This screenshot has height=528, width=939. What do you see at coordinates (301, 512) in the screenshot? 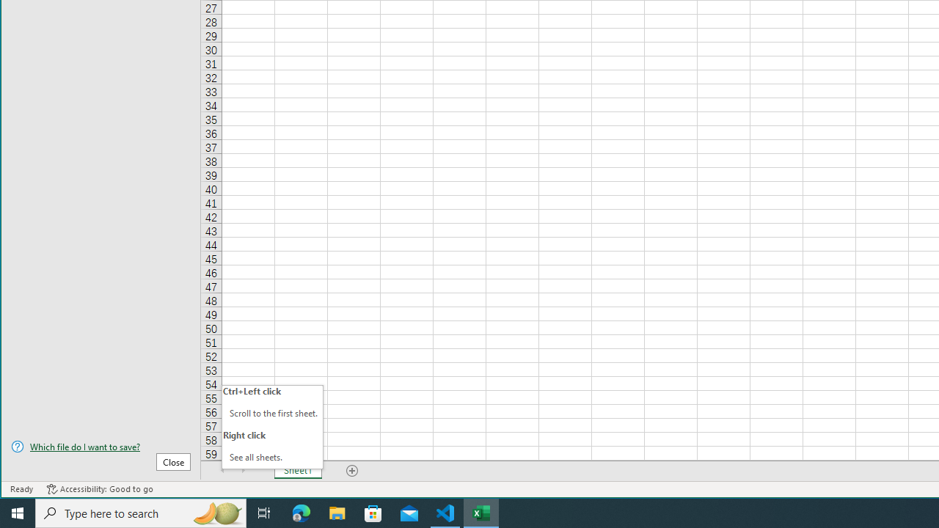
I see `'Microsoft Edge'` at bounding box center [301, 512].